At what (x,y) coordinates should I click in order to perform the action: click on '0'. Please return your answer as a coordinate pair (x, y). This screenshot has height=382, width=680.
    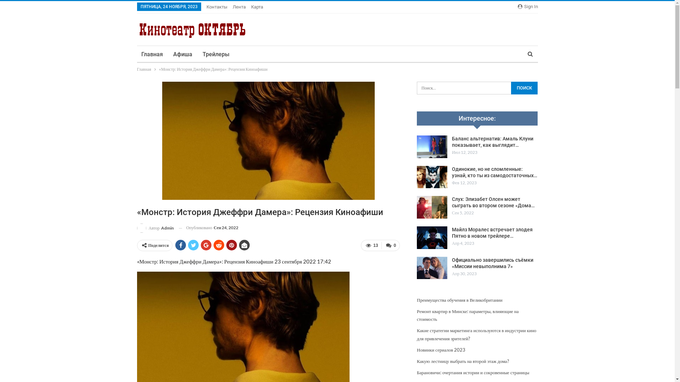
    Looking at the image, I should click on (390, 245).